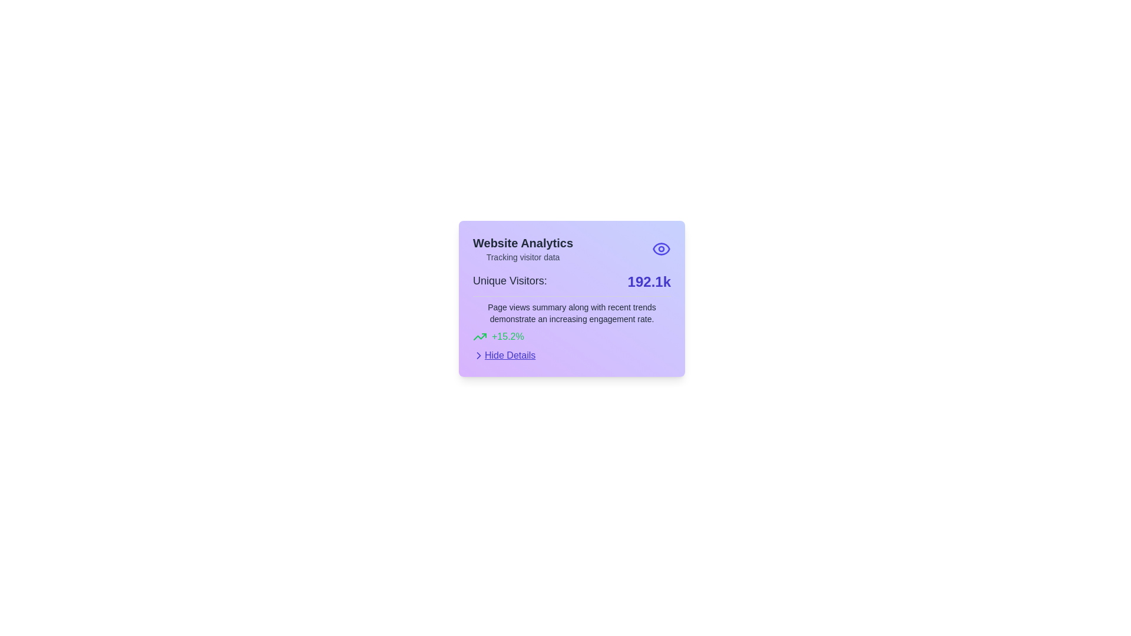 The height and width of the screenshot is (636, 1131). Describe the element at coordinates (478, 355) in the screenshot. I see `the right-chevron icon` at that location.